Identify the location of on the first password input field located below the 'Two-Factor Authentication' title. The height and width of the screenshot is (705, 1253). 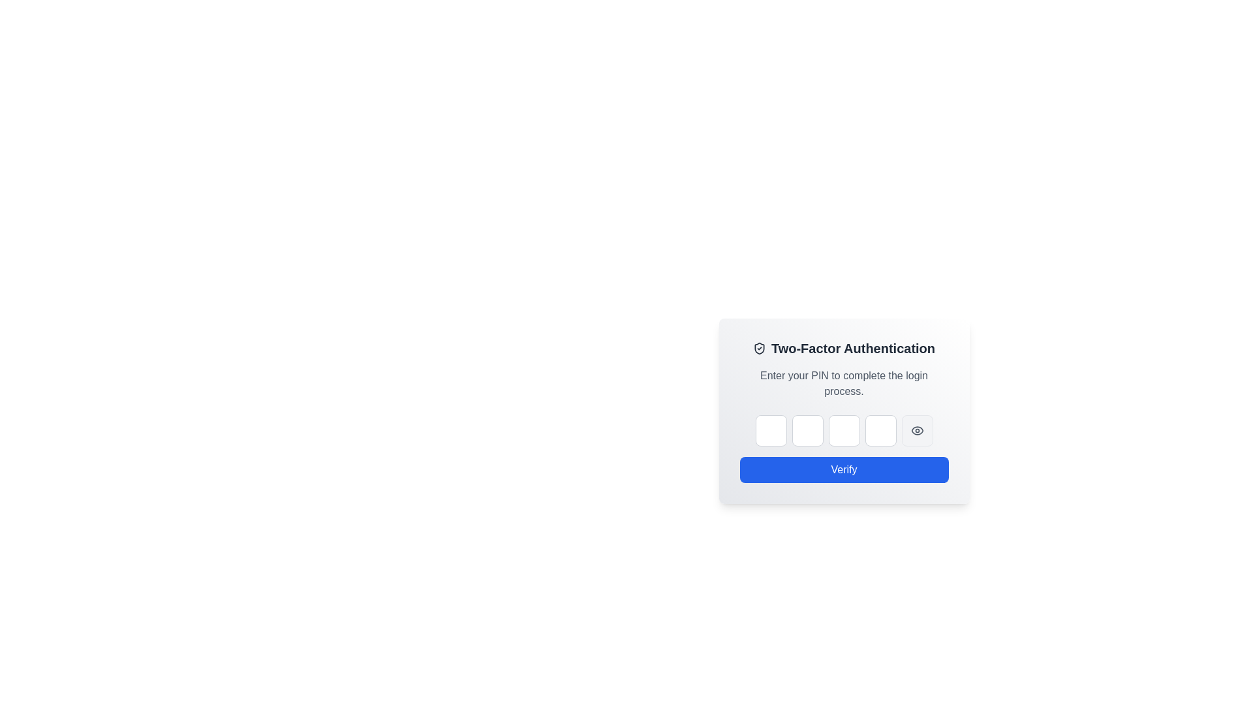
(771, 430).